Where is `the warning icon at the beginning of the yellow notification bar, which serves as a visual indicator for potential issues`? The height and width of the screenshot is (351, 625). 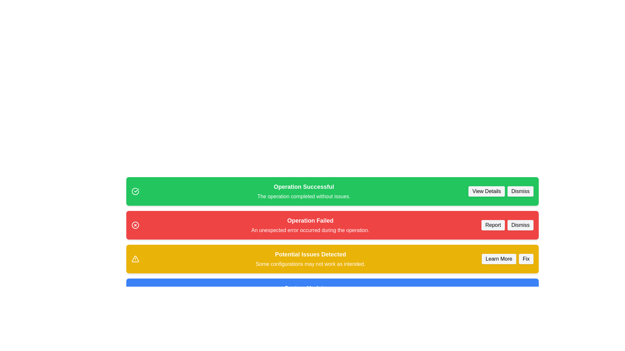
the warning icon at the beginning of the yellow notification bar, which serves as a visual indicator for potential issues is located at coordinates (135, 259).